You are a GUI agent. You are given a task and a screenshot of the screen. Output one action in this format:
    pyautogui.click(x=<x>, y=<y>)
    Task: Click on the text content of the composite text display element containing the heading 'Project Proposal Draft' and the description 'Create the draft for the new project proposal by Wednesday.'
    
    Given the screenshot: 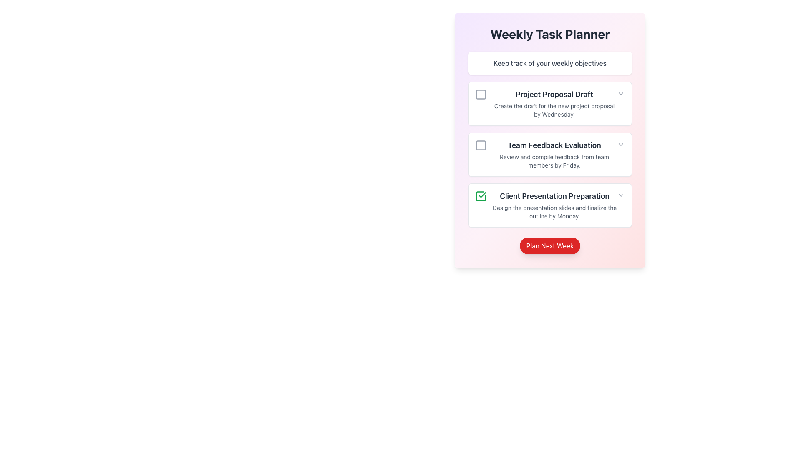 What is the action you would take?
    pyautogui.click(x=546, y=103)
    